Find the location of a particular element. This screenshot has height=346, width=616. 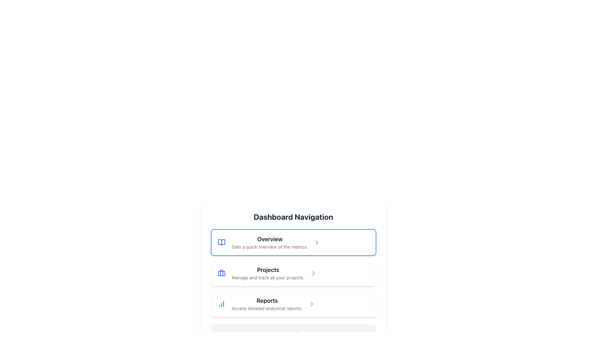

the first navigation button under the 'Dashboard Navigation' header to trigger the hover effect is located at coordinates (293, 242).